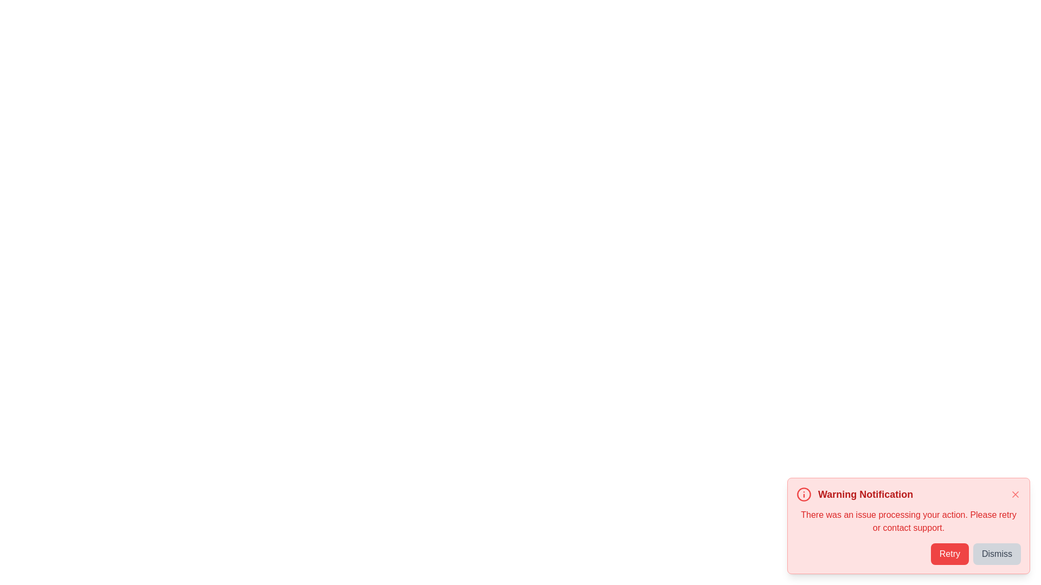 The height and width of the screenshot is (585, 1041). I want to click on the 'Retry' button to retry the action, so click(949, 554).